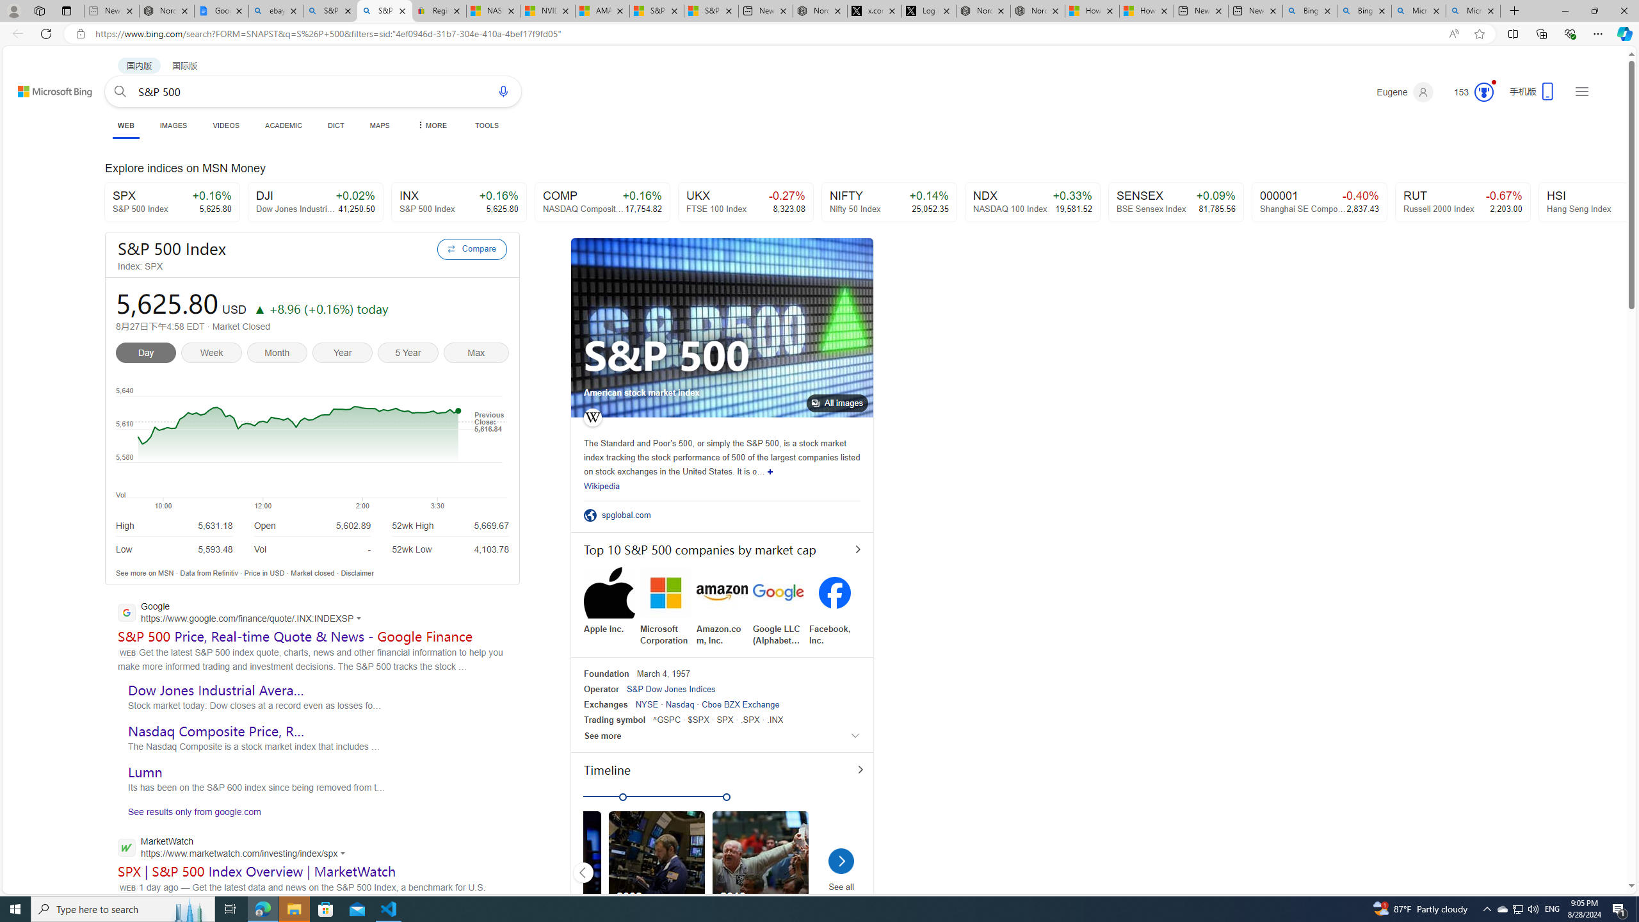  I want to click on 'S&P 500 - Search', so click(384, 10).